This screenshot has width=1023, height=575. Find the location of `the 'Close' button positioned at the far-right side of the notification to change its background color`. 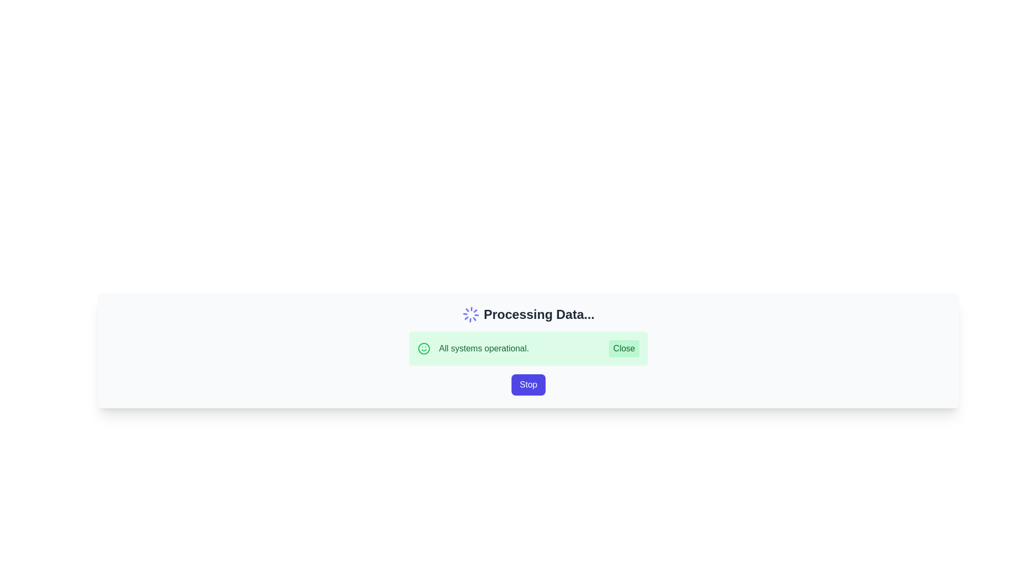

the 'Close' button positioned at the far-right side of the notification to change its background color is located at coordinates (624, 349).